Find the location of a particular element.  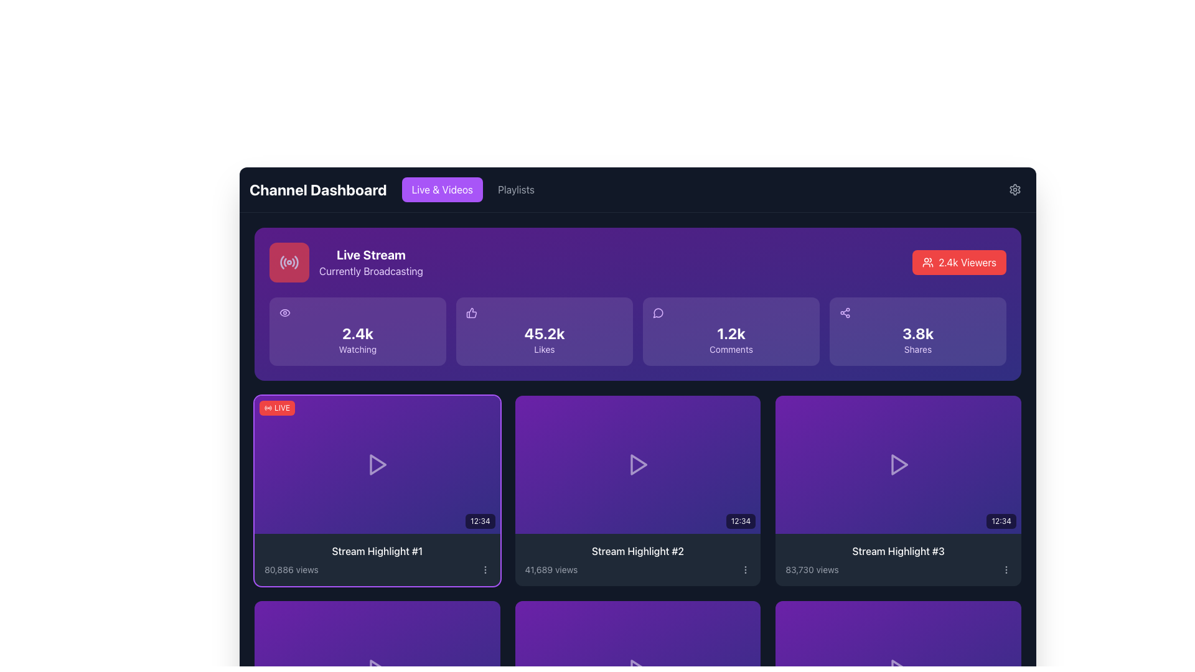

the 'Playlists' button is located at coordinates (516, 189).